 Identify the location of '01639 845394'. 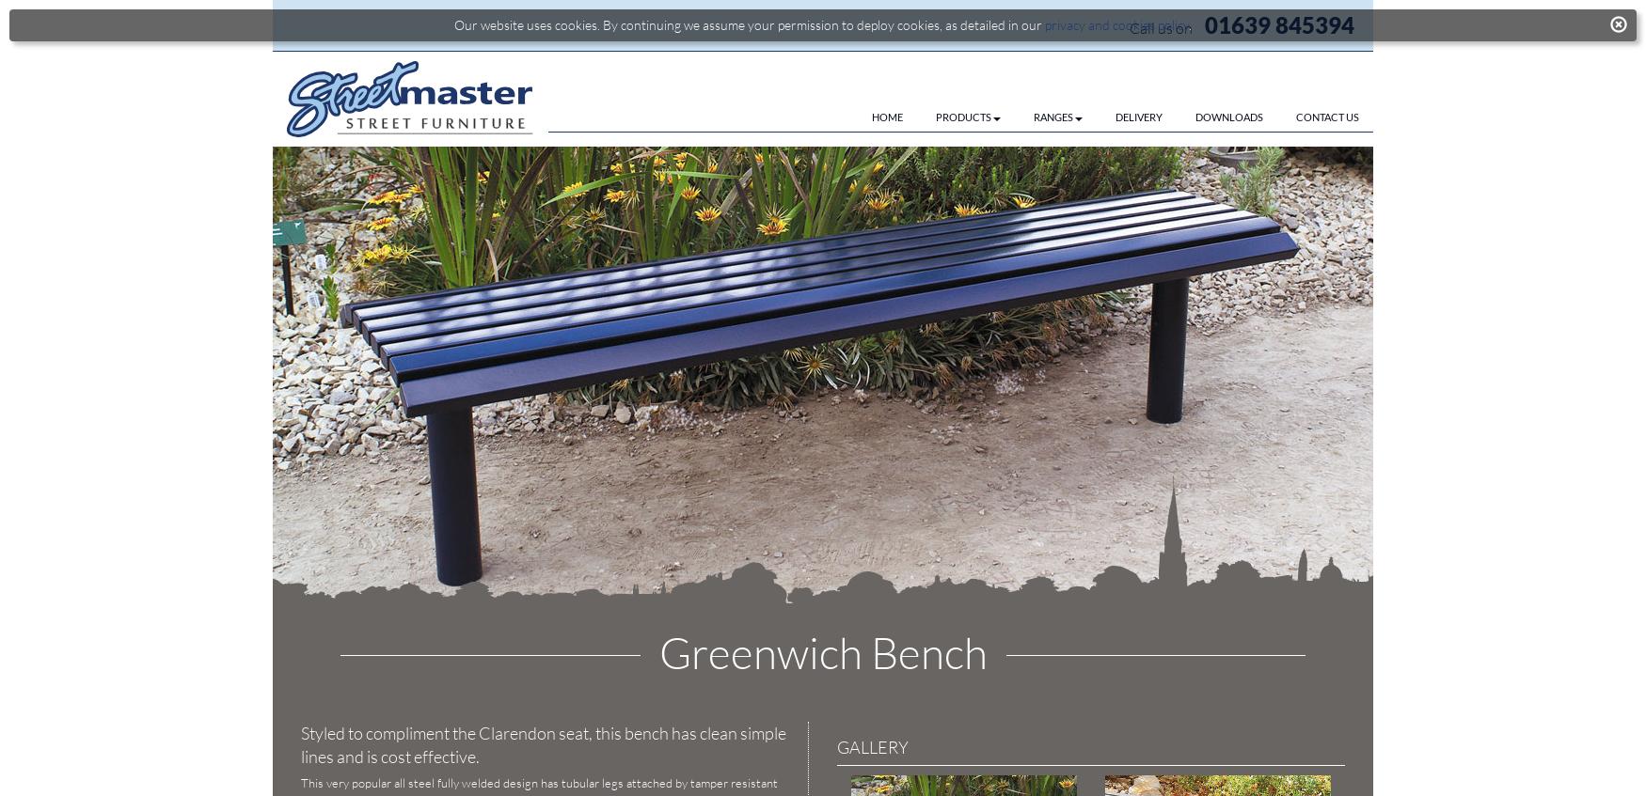
(1279, 23).